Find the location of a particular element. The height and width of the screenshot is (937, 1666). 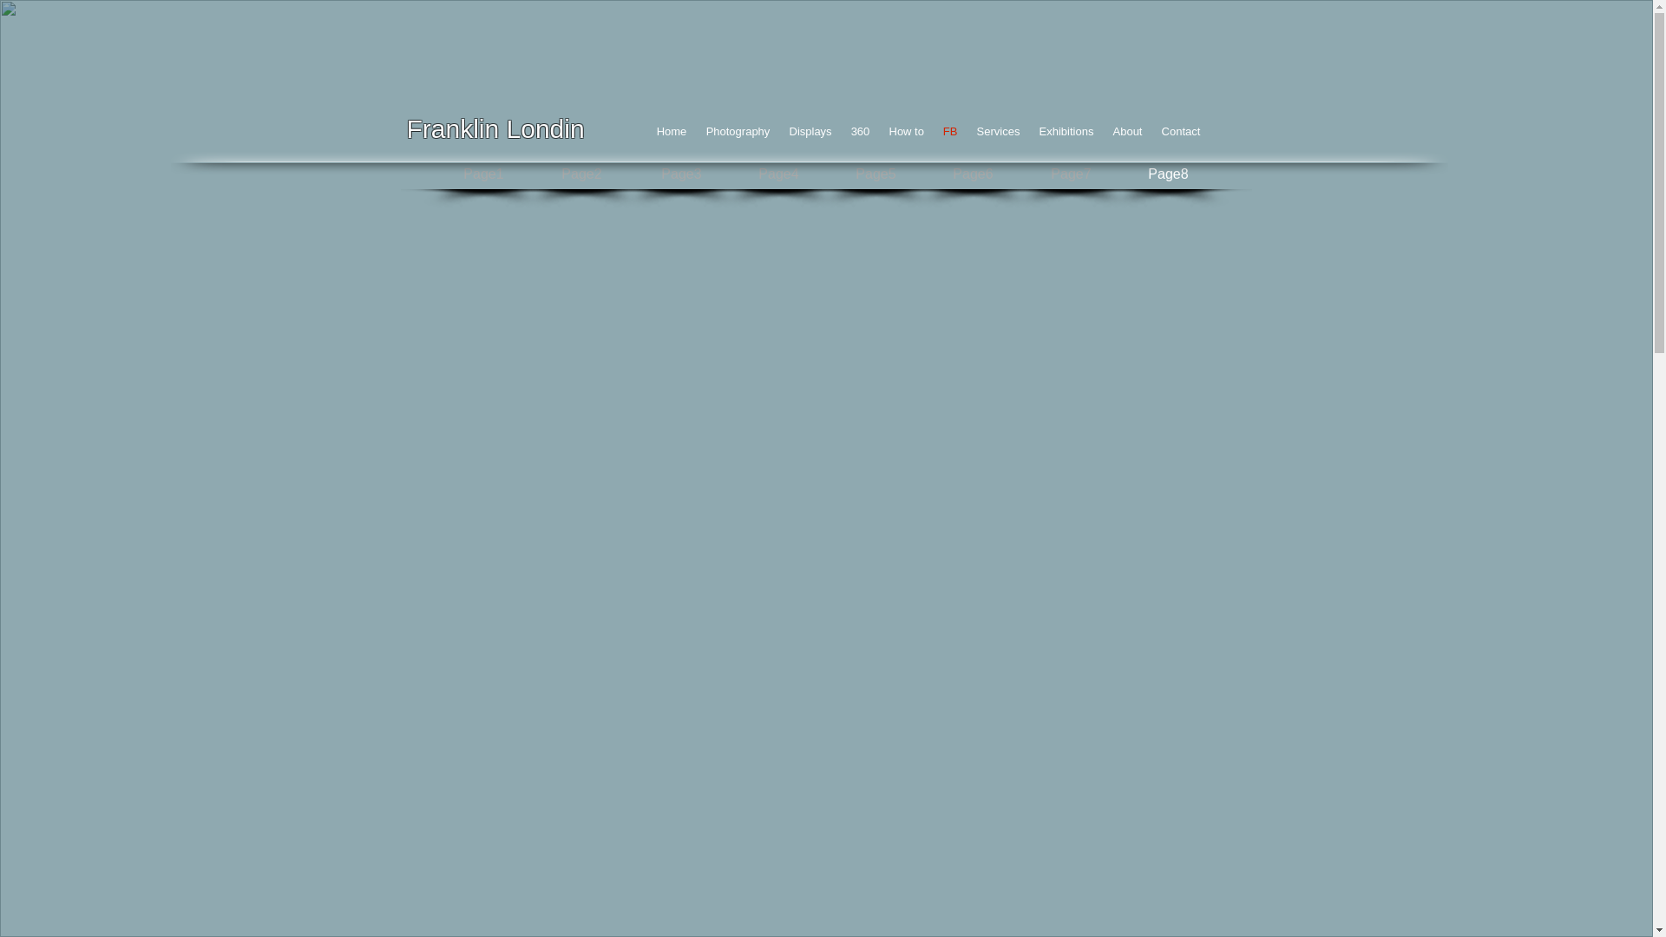

'Page6' is located at coordinates (973, 174).